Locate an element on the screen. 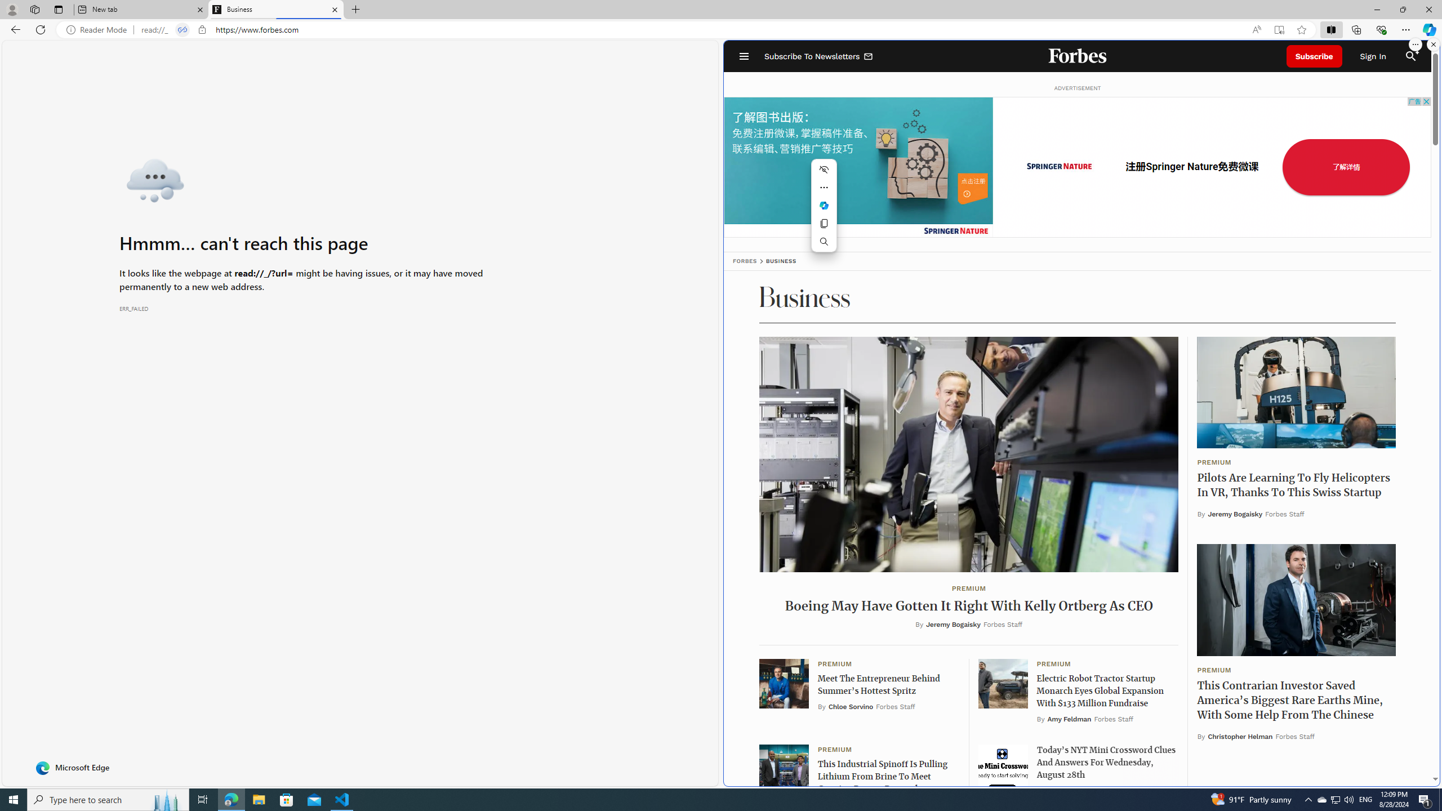  'Sign In' is located at coordinates (1373, 56).